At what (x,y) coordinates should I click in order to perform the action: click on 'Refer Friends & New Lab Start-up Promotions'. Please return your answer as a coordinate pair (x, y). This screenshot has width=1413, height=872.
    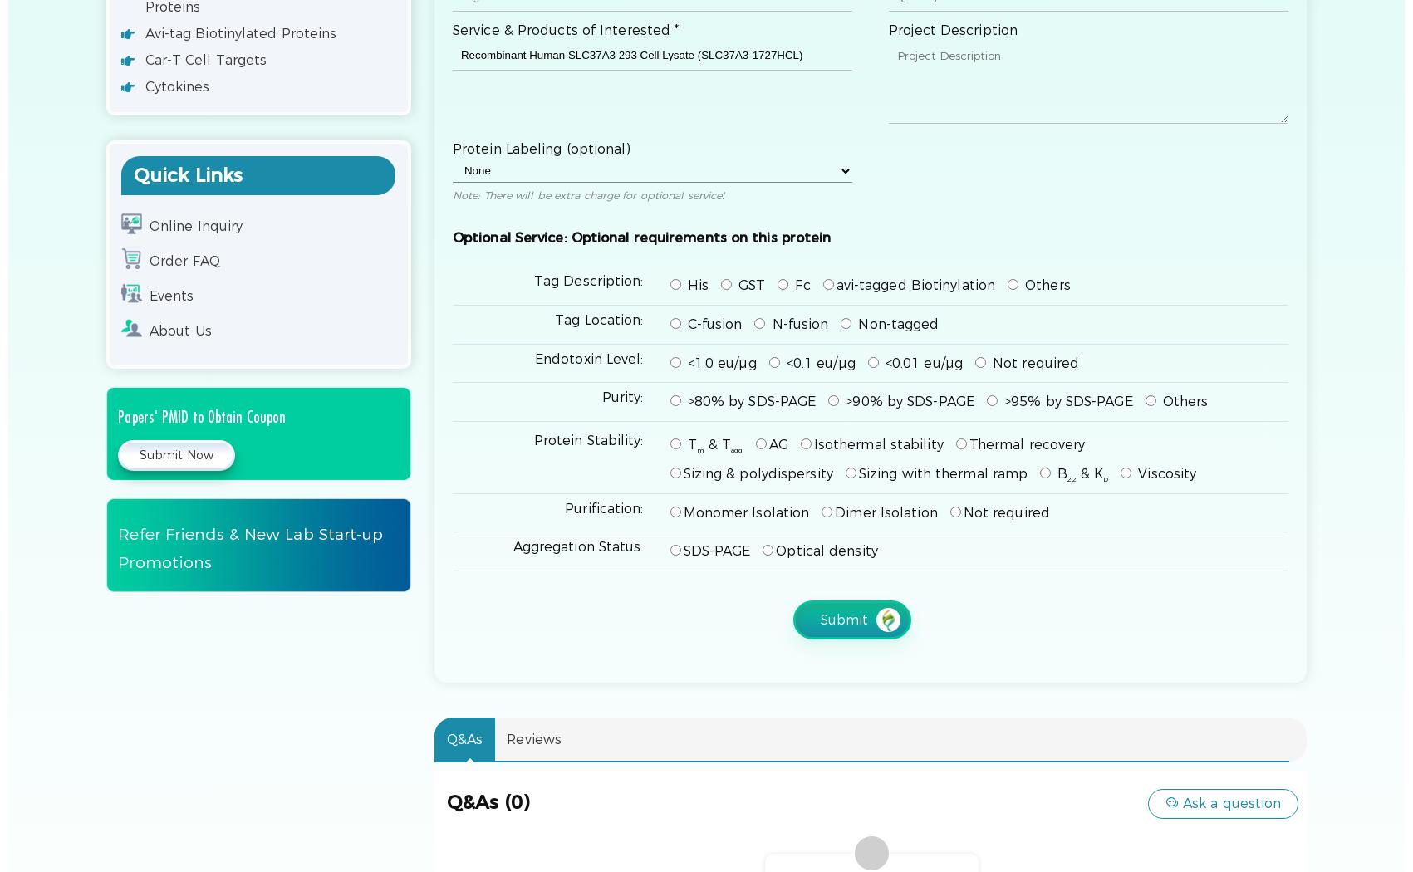
    Looking at the image, I should click on (250, 546).